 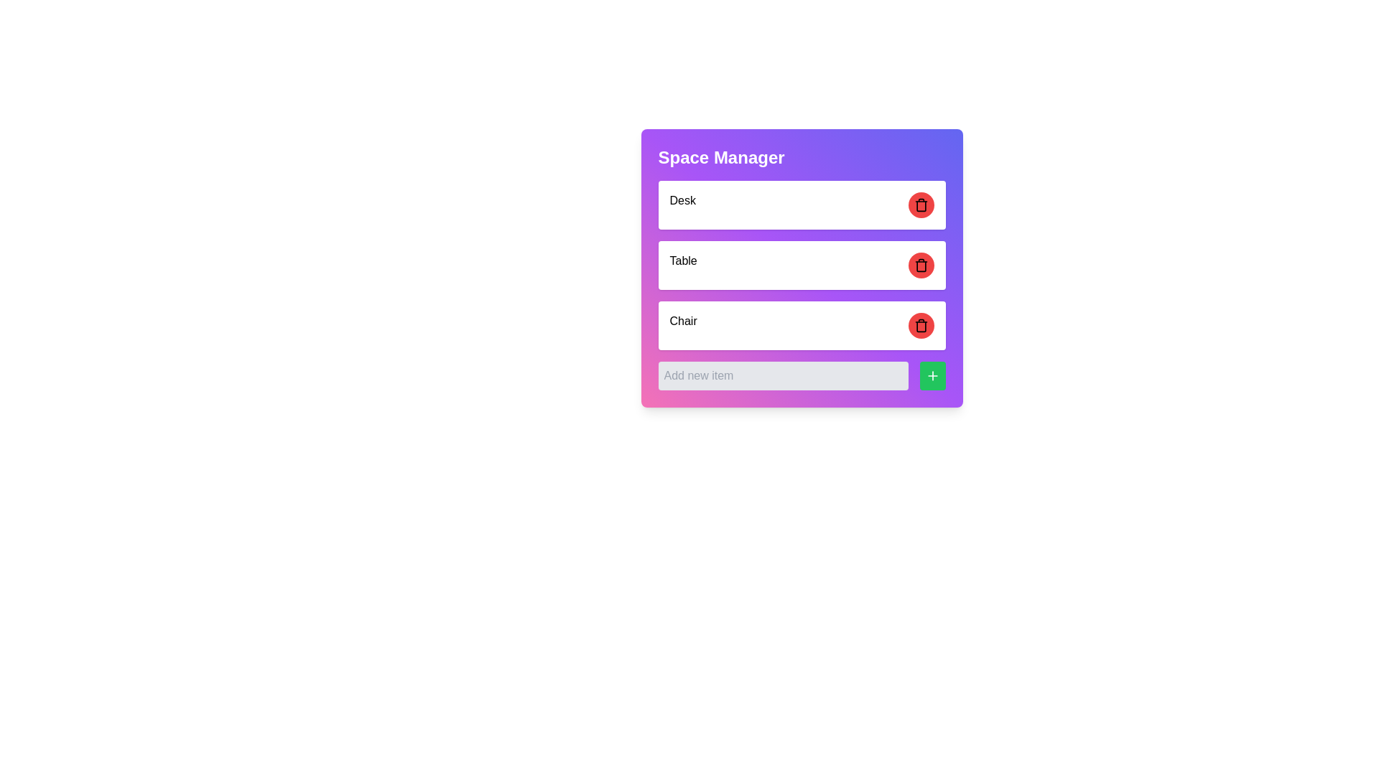 I want to click on the text label displaying 'Desk', so click(x=682, y=205).